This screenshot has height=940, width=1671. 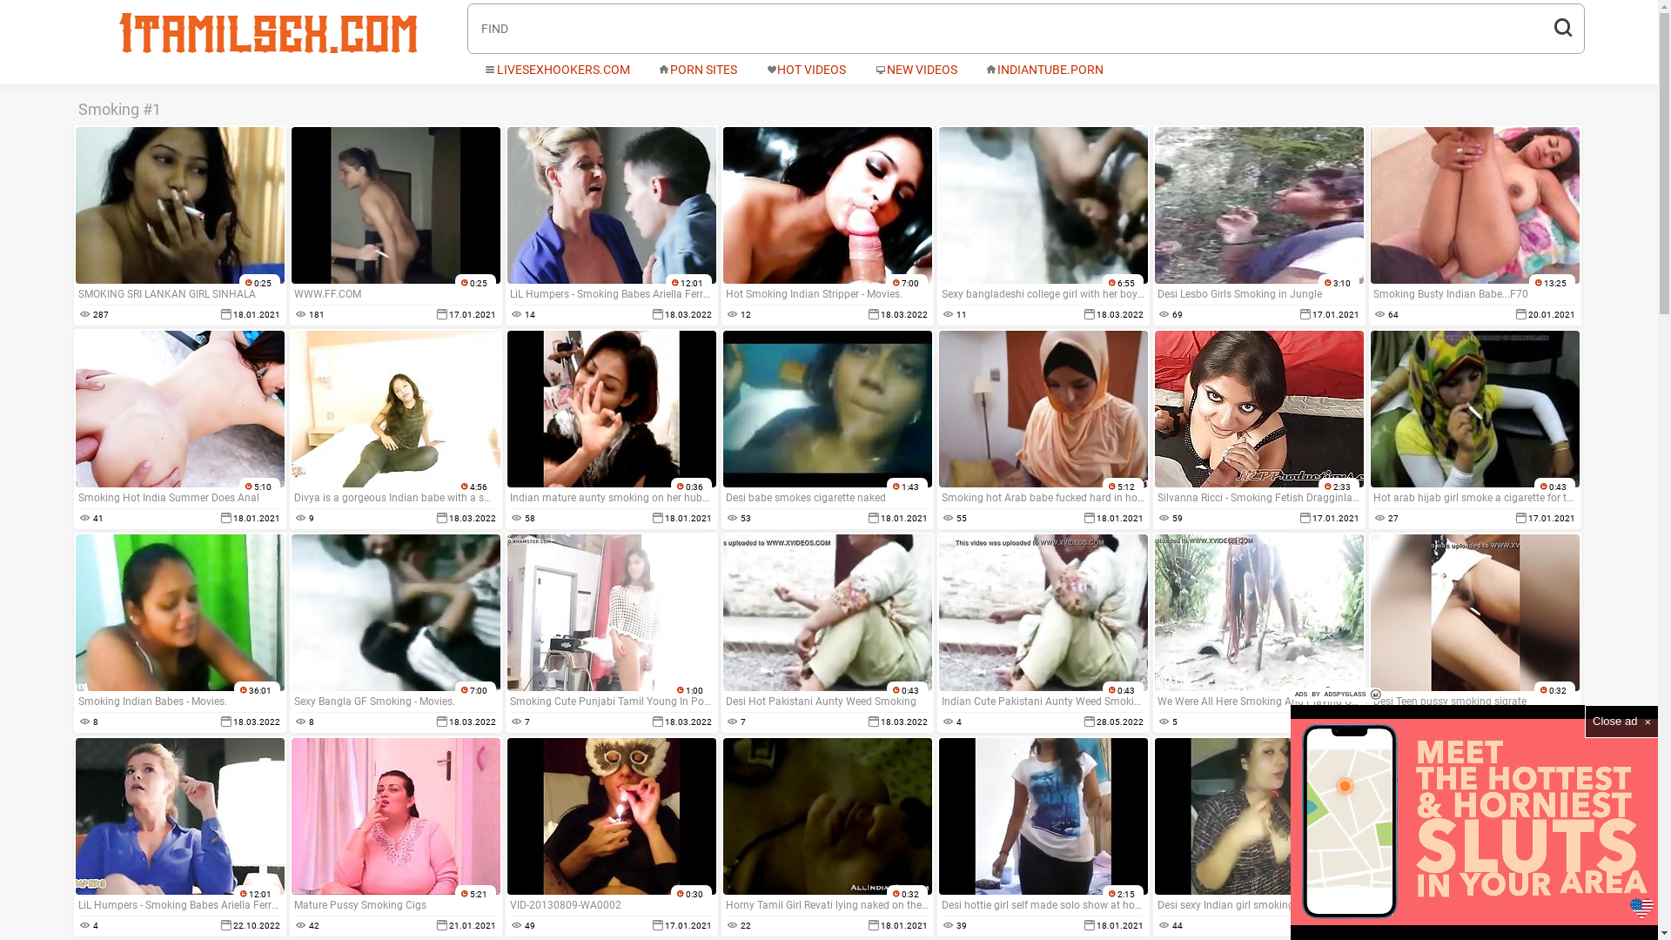 What do you see at coordinates (826, 429) in the screenshot?
I see `'1:43` at bounding box center [826, 429].